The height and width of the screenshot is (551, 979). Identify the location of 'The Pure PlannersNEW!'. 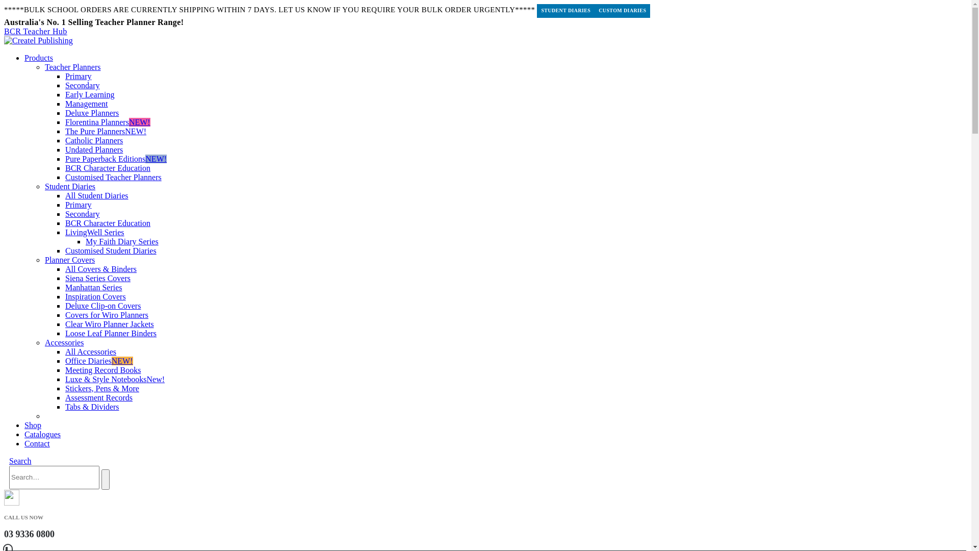
(106, 131).